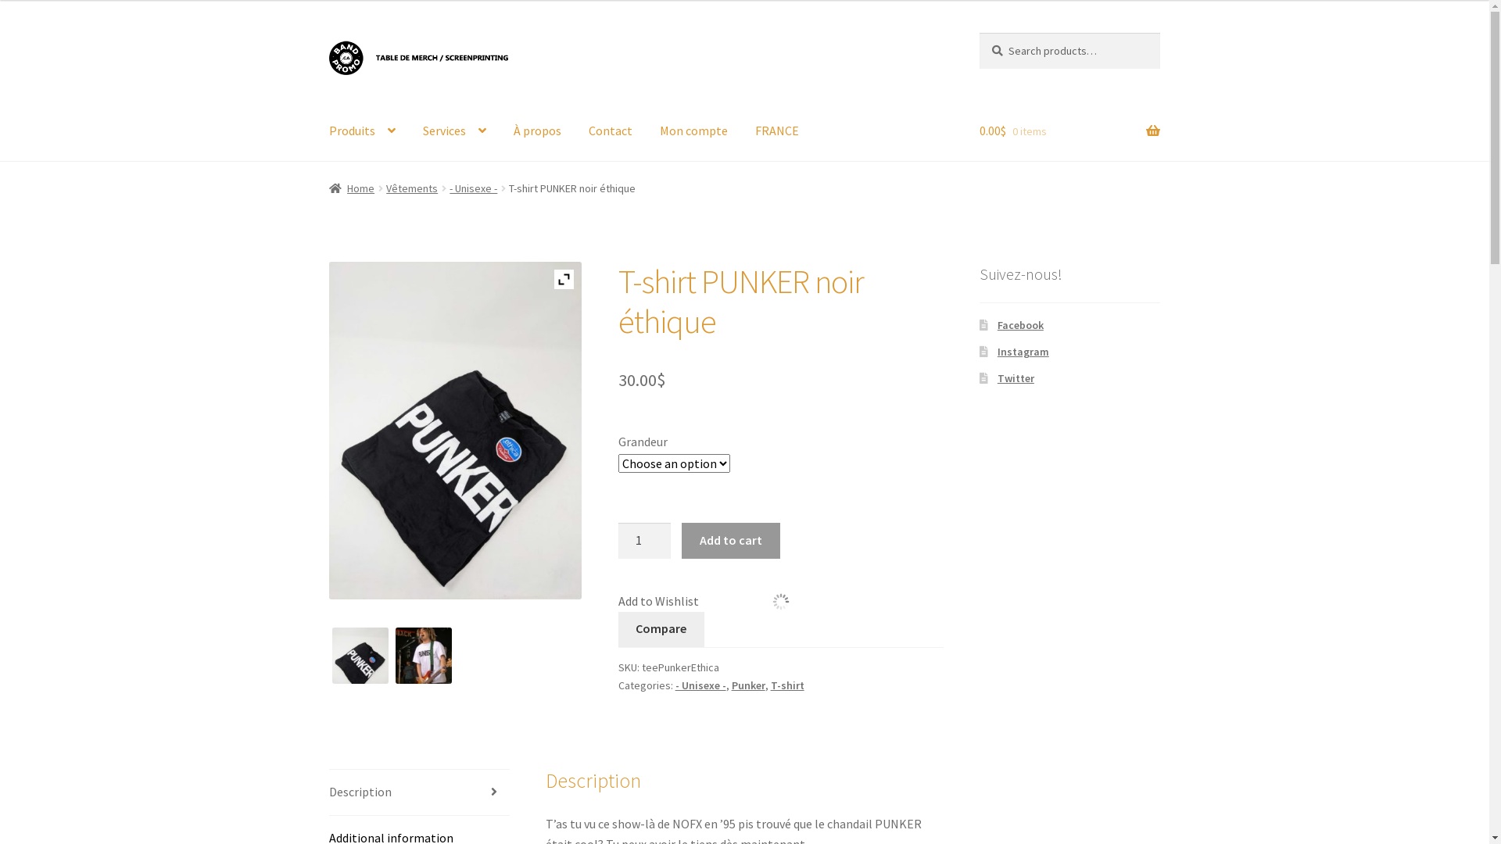 Image resolution: width=1501 pixels, height=844 pixels. I want to click on 'Skip to navigation', so click(328, 32).